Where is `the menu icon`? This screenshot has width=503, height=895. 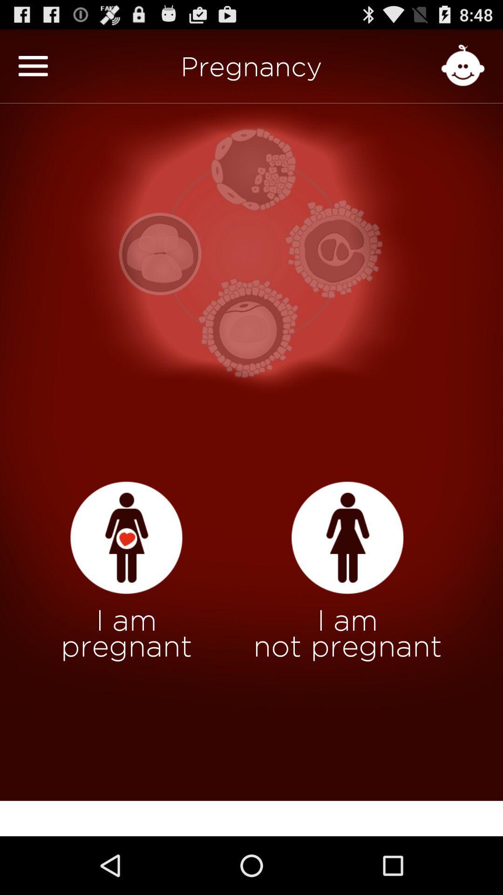
the menu icon is located at coordinates (33, 70).